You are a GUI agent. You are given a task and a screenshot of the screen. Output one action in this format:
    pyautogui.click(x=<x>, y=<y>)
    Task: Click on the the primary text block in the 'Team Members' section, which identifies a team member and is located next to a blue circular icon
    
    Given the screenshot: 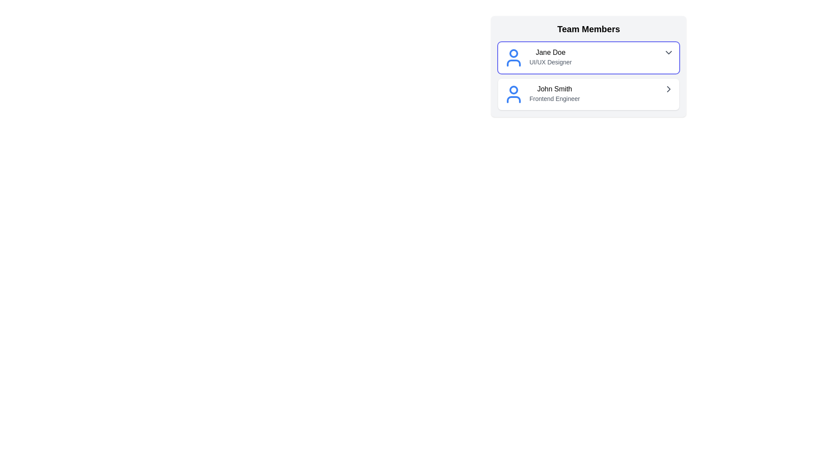 What is the action you would take?
    pyautogui.click(x=550, y=57)
    